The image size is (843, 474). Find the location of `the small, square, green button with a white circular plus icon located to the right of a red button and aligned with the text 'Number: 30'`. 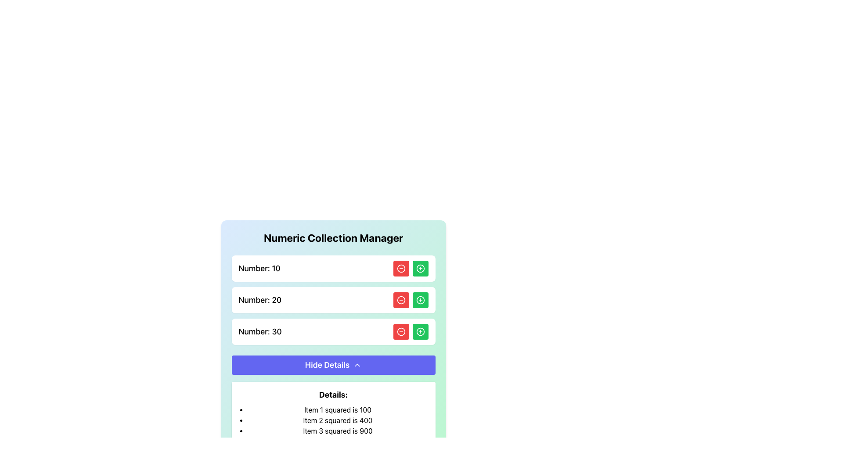

the small, square, green button with a white circular plus icon located to the right of a red button and aligned with the text 'Number: 30' is located at coordinates (420, 268).